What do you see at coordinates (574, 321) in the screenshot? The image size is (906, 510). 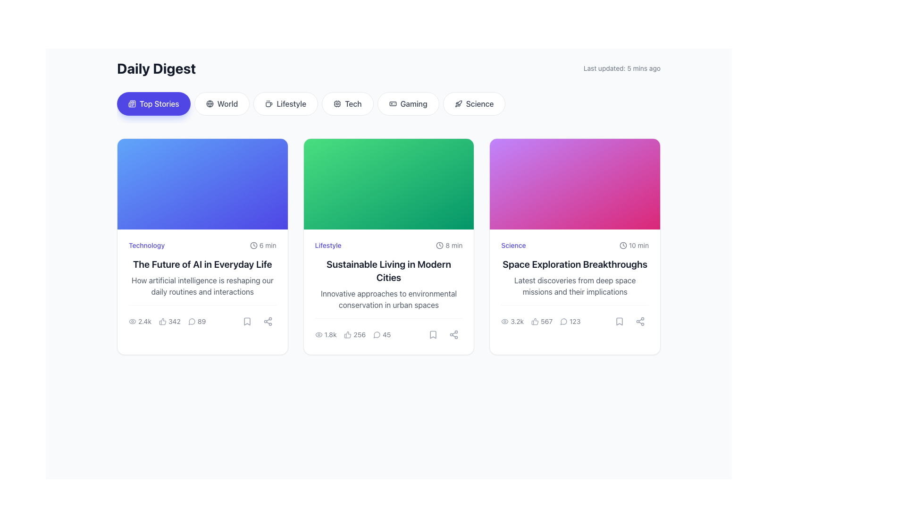 I see `value displayed as '123' in light gray color, which is located adjacent to a speech bubble icon on the 'Space Exploration Breakthroughs' card in the bottom-right corner` at bounding box center [574, 321].